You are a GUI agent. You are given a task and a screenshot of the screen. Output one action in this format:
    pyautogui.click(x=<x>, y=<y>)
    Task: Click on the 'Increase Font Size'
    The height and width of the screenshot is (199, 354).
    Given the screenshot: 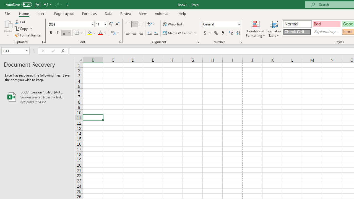 What is the action you would take?
    pyautogui.click(x=111, y=24)
    